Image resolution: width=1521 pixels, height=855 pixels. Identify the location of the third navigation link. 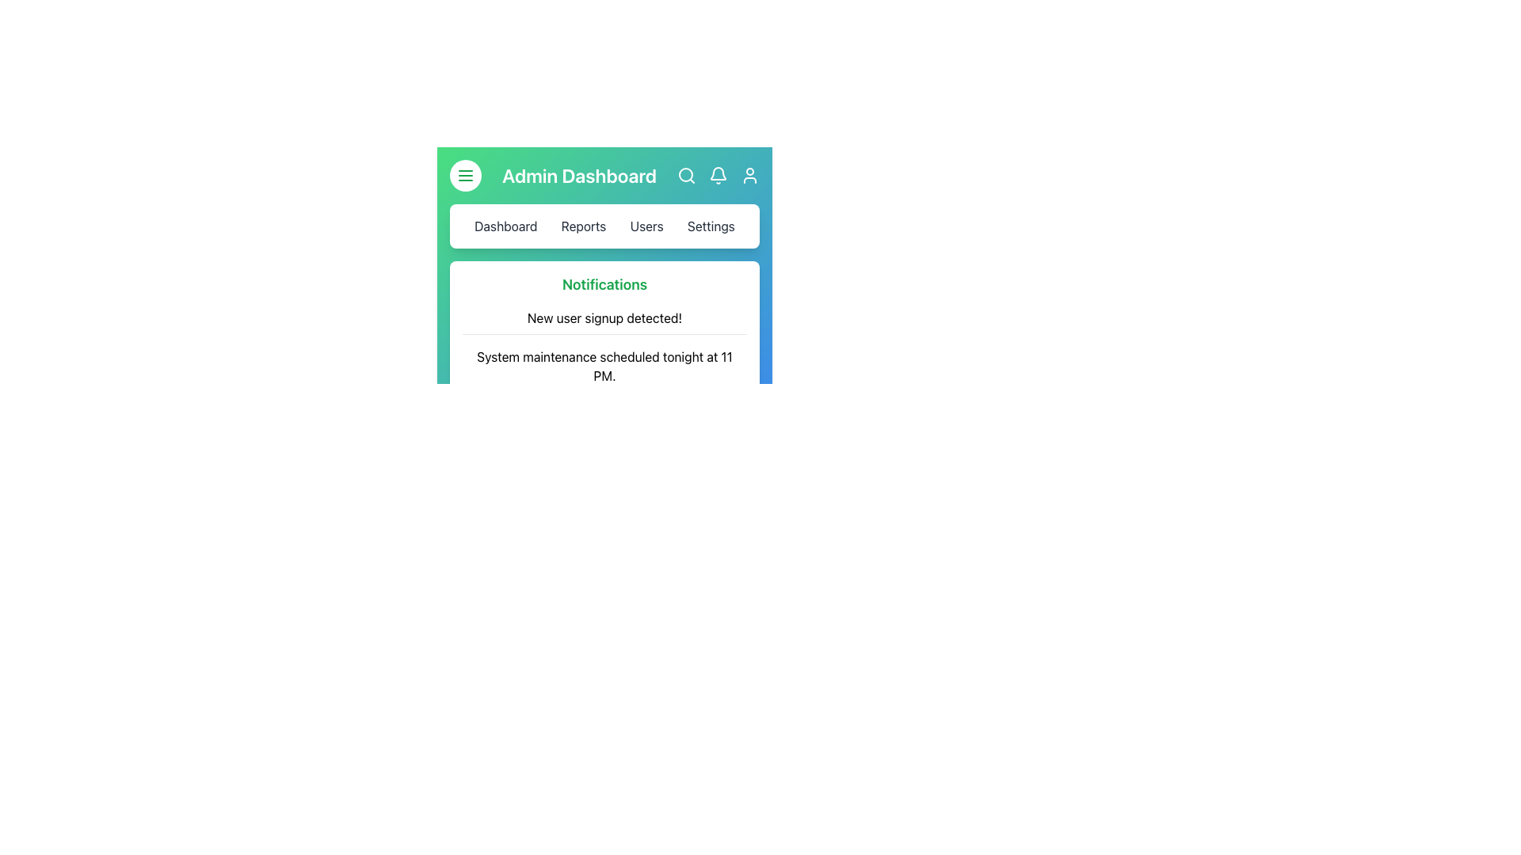
(646, 226).